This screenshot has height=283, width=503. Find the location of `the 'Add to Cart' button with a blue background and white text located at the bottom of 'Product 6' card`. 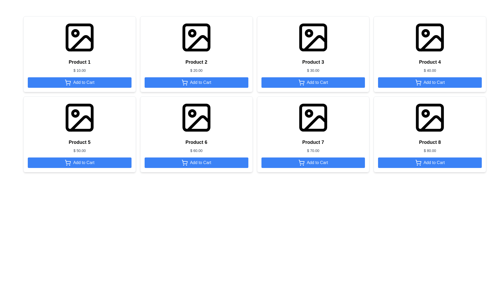

the 'Add to Cart' button with a blue background and white text located at the bottom of 'Product 6' card is located at coordinates (196, 162).